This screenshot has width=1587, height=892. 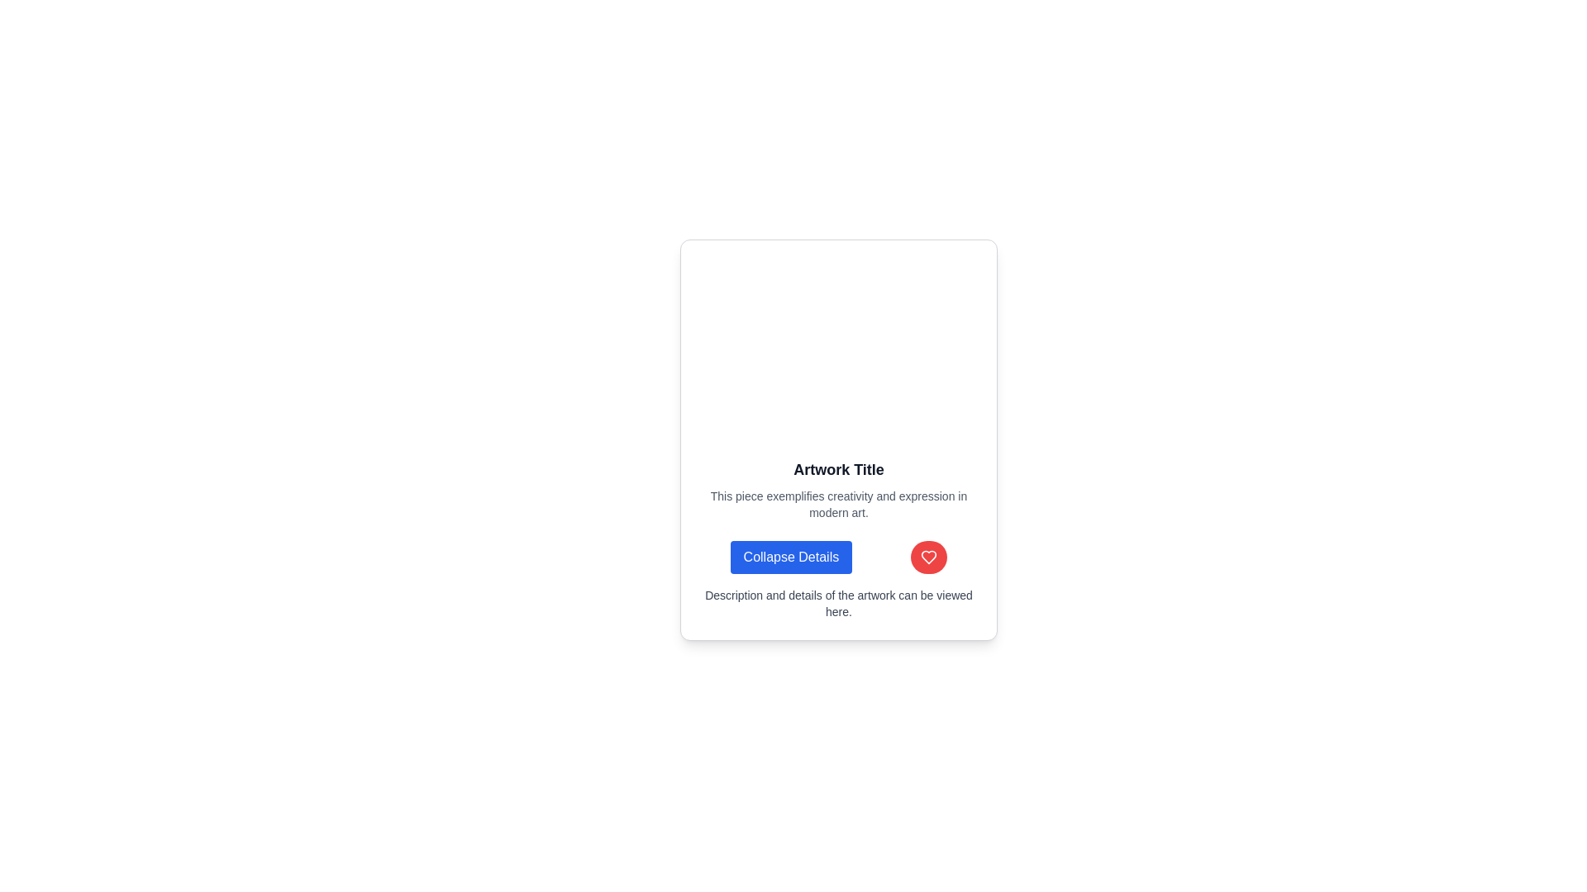 What do you see at coordinates (790, 557) in the screenshot?
I see `the blue button labeled 'Collapse Details'` at bounding box center [790, 557].